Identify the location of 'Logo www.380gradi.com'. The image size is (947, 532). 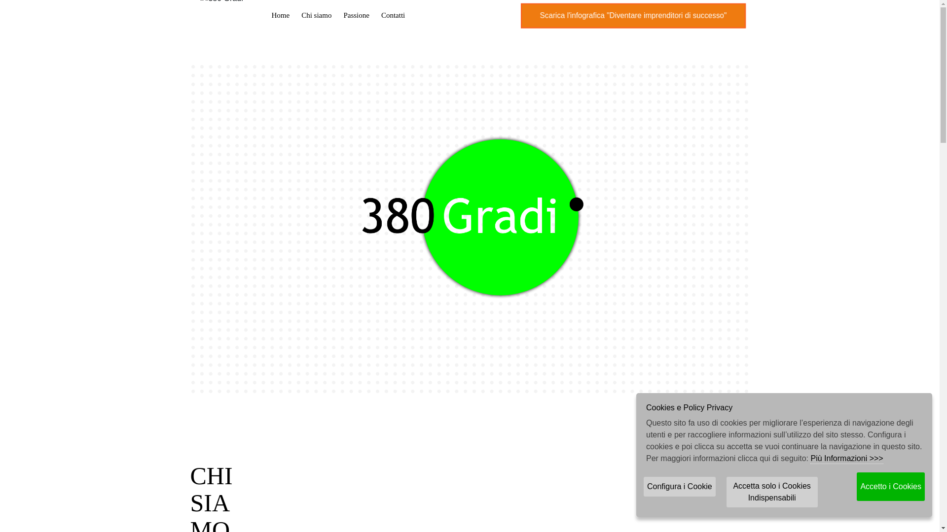
(469, 218).